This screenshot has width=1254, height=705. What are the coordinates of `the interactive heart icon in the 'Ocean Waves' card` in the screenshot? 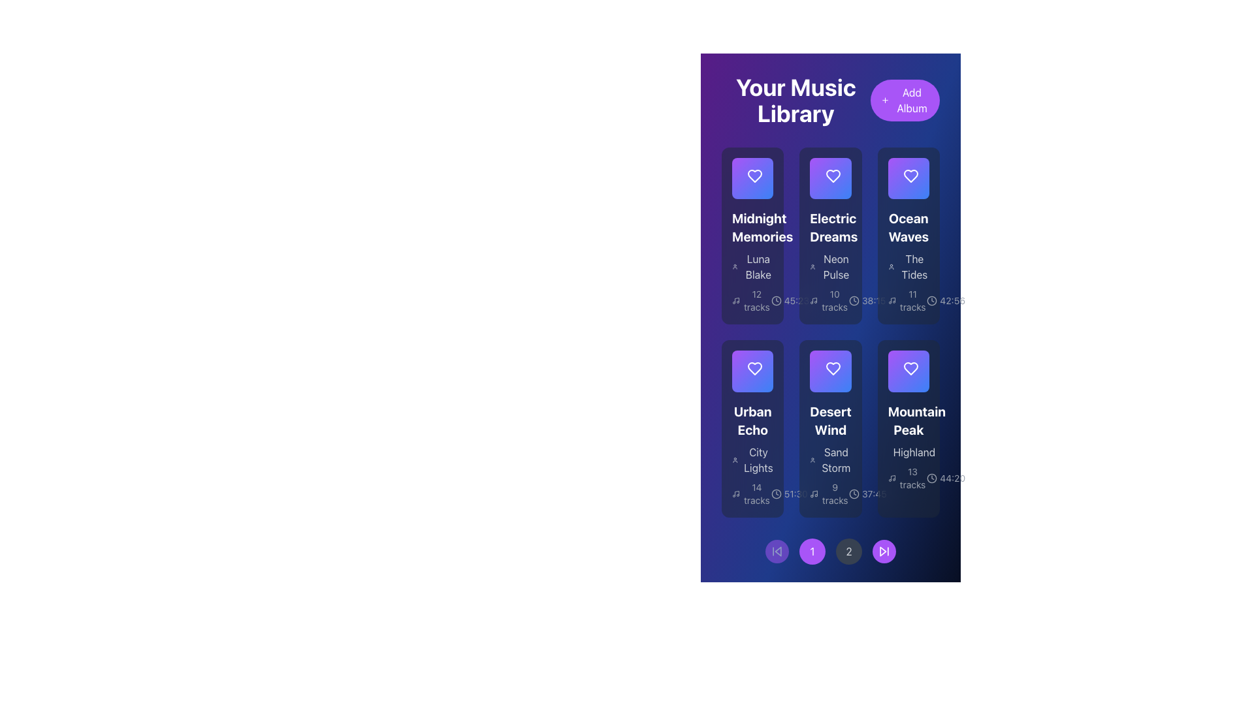 It's located at (908, 178).